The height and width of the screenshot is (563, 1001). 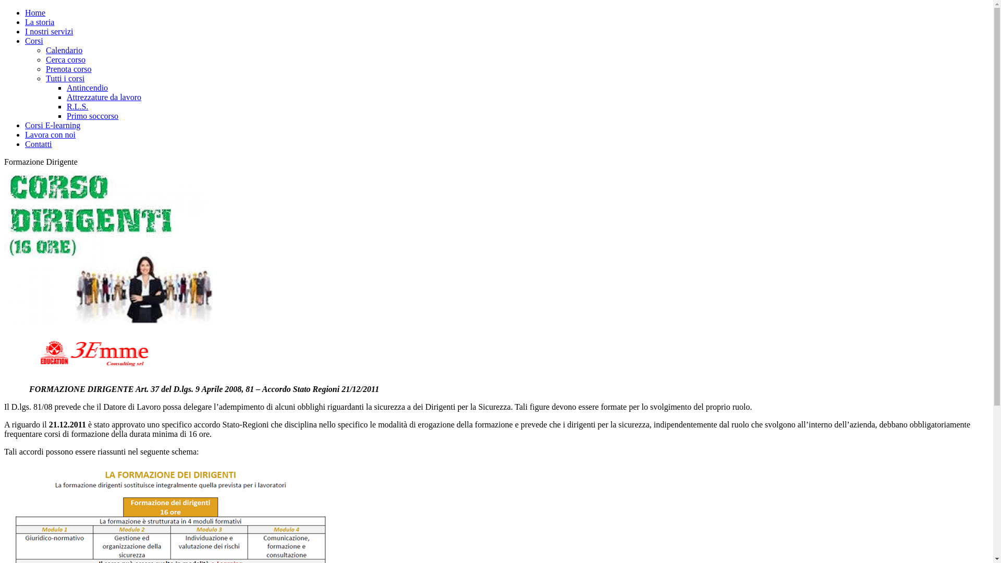 I want to click on 'Tutti i corsi', so click(x=64, y=78).